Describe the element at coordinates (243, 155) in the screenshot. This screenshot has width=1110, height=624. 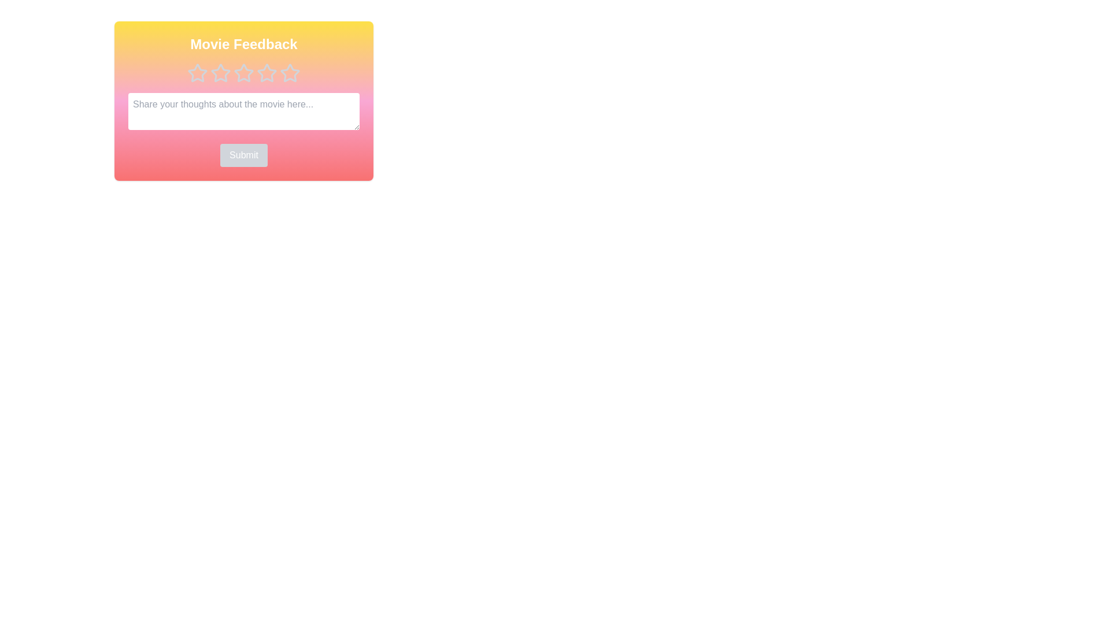
I see `Submit button to submit the feedback` at that location.